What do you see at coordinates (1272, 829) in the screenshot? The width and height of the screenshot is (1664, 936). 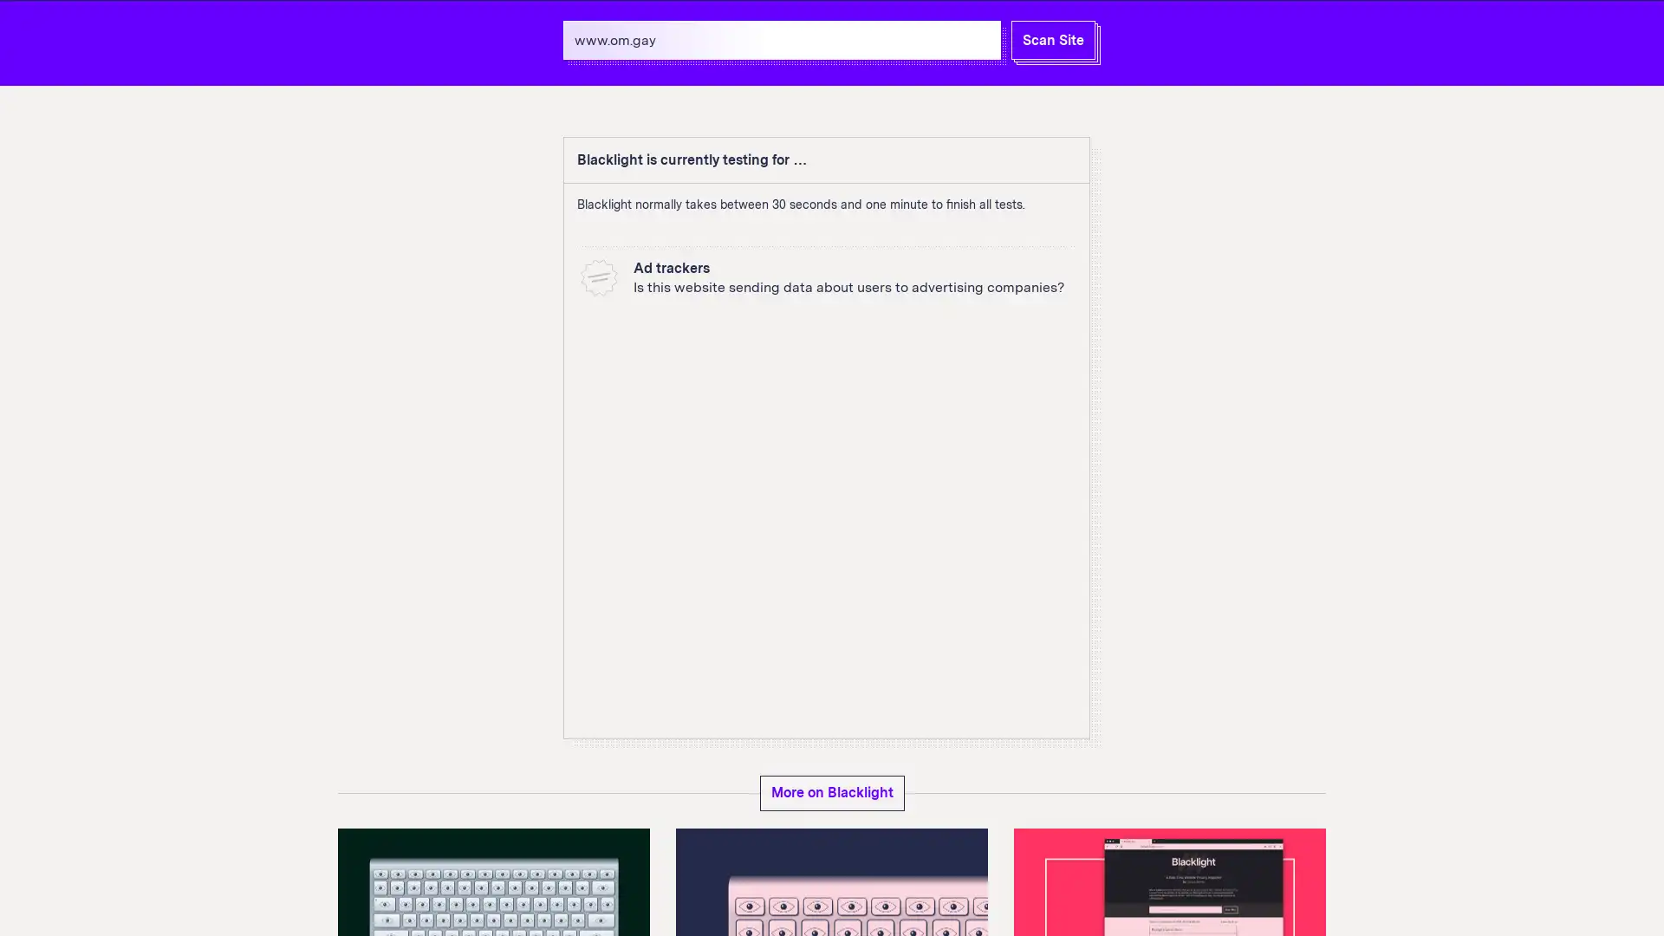 I see `Subscribe` at bounding box center [1272, 829].